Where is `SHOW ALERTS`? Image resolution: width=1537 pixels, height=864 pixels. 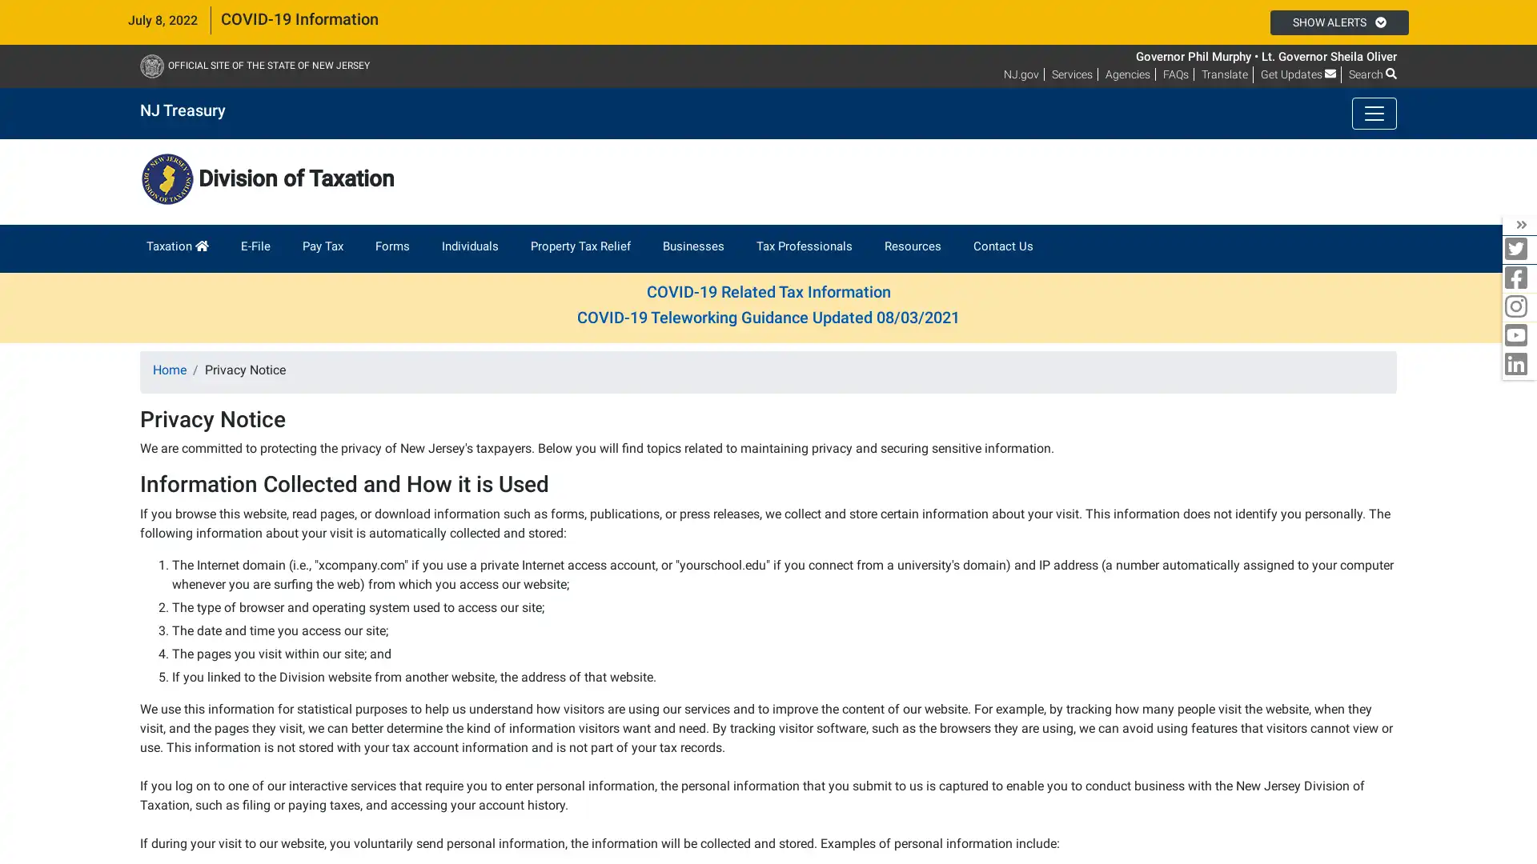 SHOW ALERTS is located at coordinates (1338, 22).